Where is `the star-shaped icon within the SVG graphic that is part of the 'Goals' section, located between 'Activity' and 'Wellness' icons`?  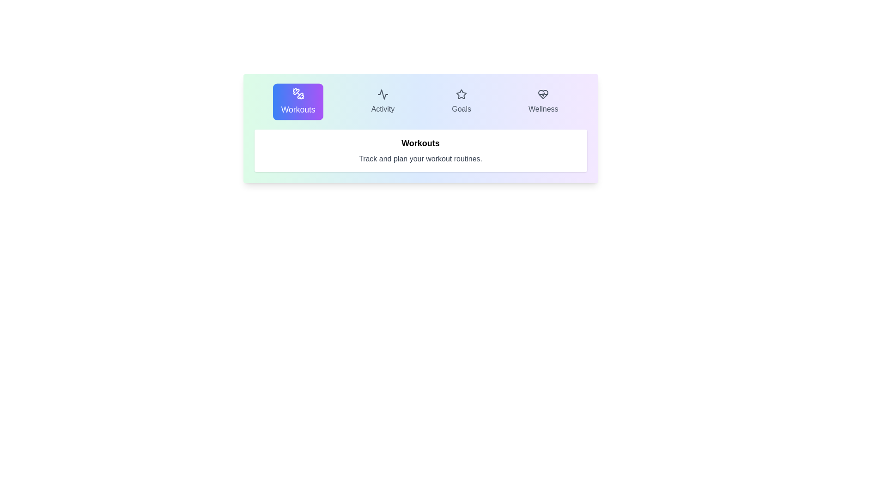 the star-shaped icon within the SVG graphic that is part of the 'Goals' section, located between 'Activity' and 'Wellness' icons is located at coordinates (462, 94).